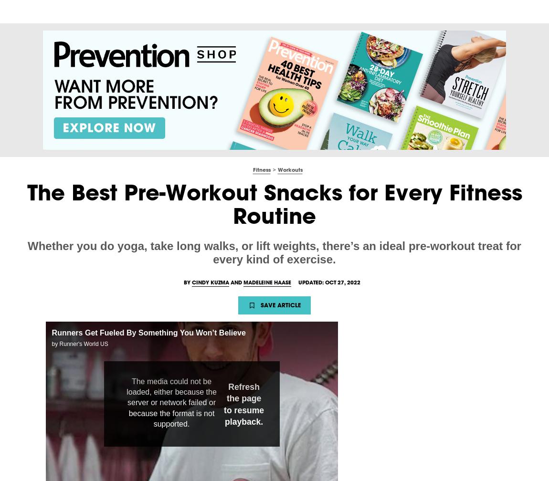 This screenshot has width=549, height=481. What do you see at coordinates (98, 75) in the screenshot?
I see `'Madeleine,'` at bounding box center [98, 75].